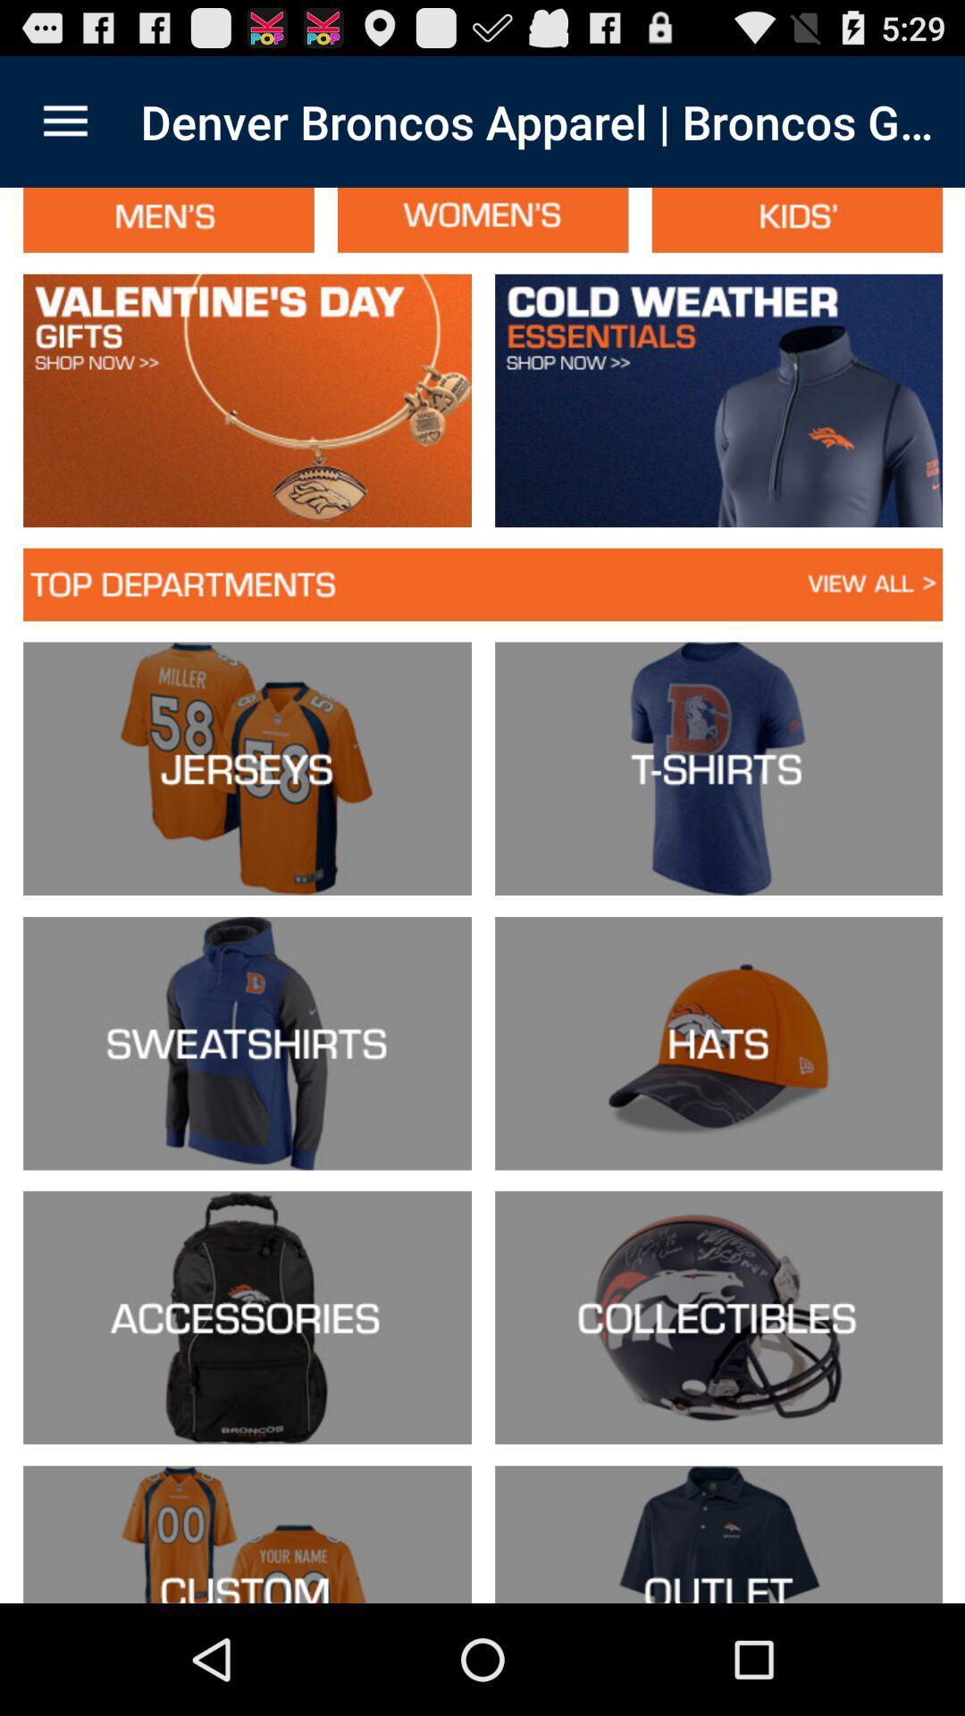  Describe the element at coordinates (64, 121) in the screenshot. I see `item next to denver broncos apparel item` at that location.